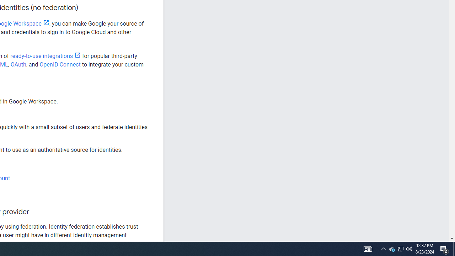  I want to click on 'OAuth', so click(18, 64).